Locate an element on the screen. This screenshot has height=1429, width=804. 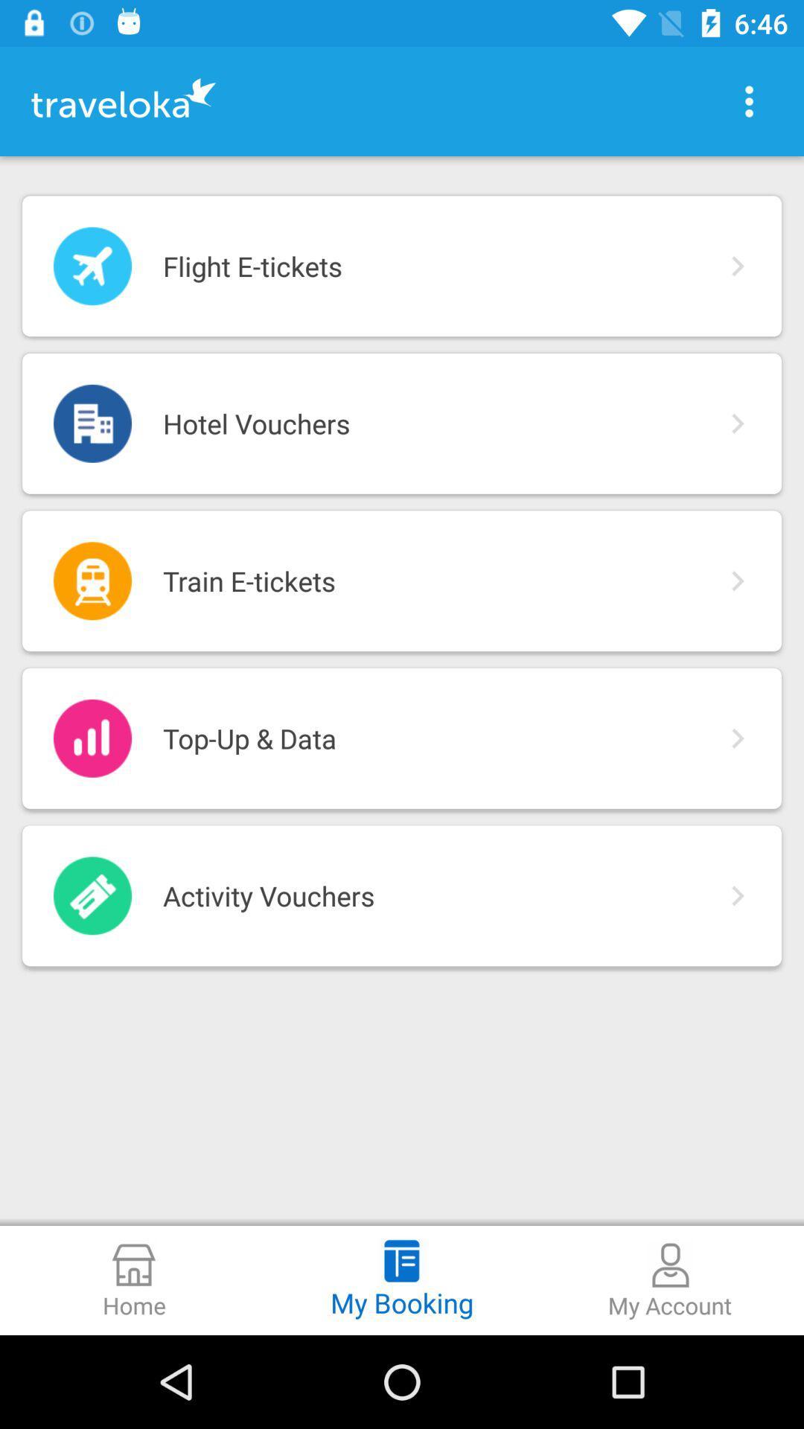
open menu is located at coordinates (749, 100).